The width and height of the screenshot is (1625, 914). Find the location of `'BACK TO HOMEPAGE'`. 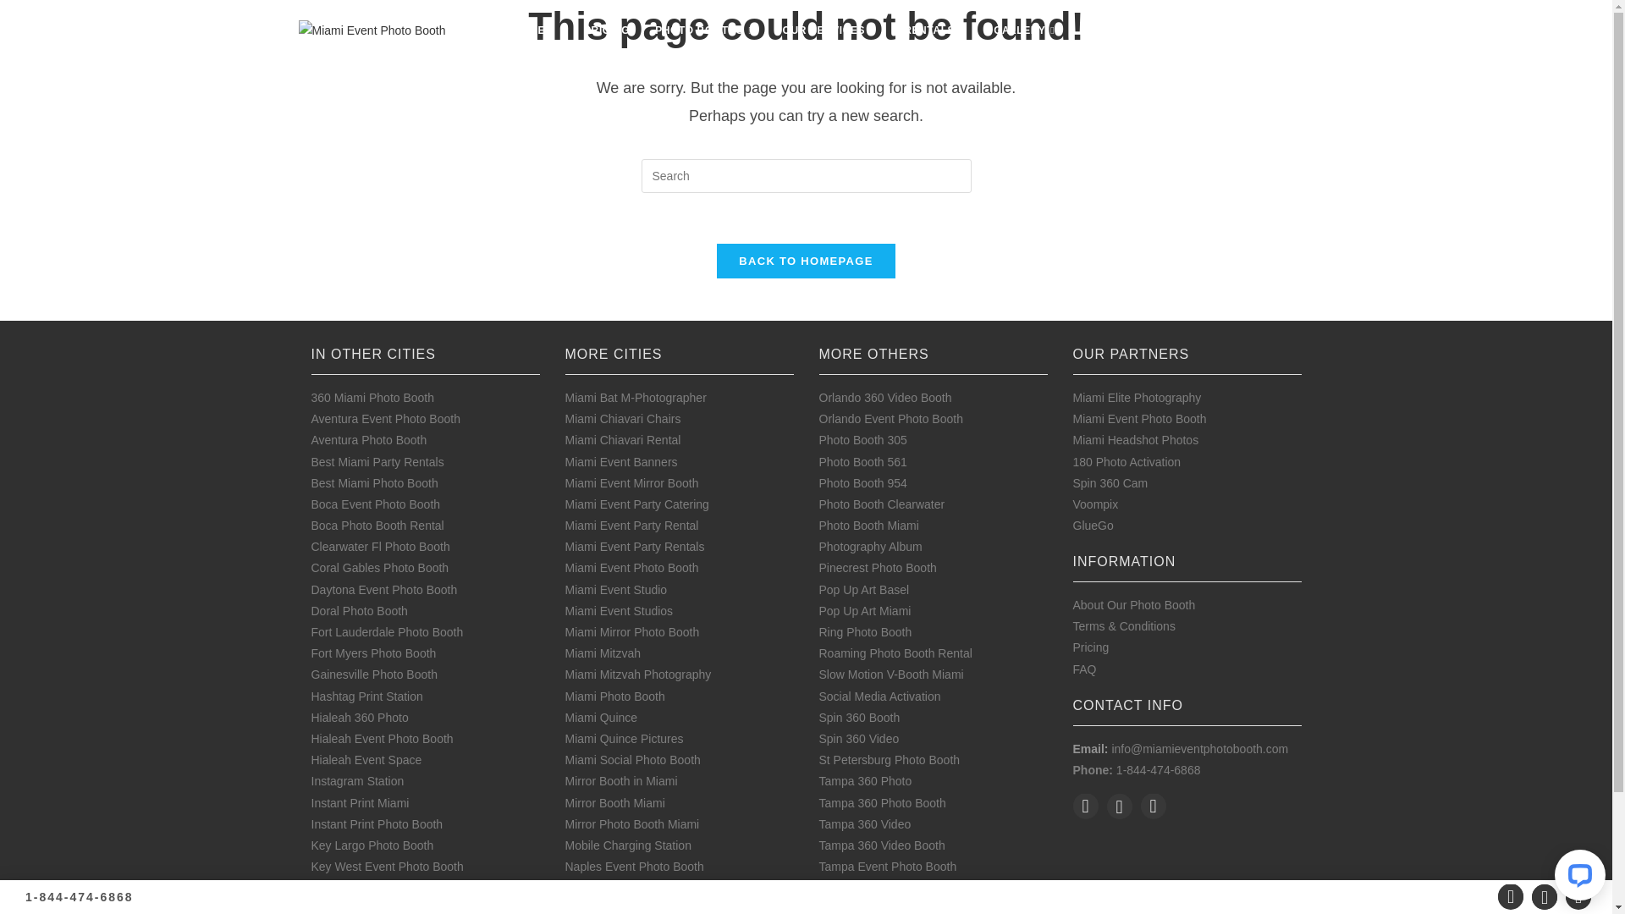

'BACK TO HOMEPAGE' is located at coordinates (804, 261).